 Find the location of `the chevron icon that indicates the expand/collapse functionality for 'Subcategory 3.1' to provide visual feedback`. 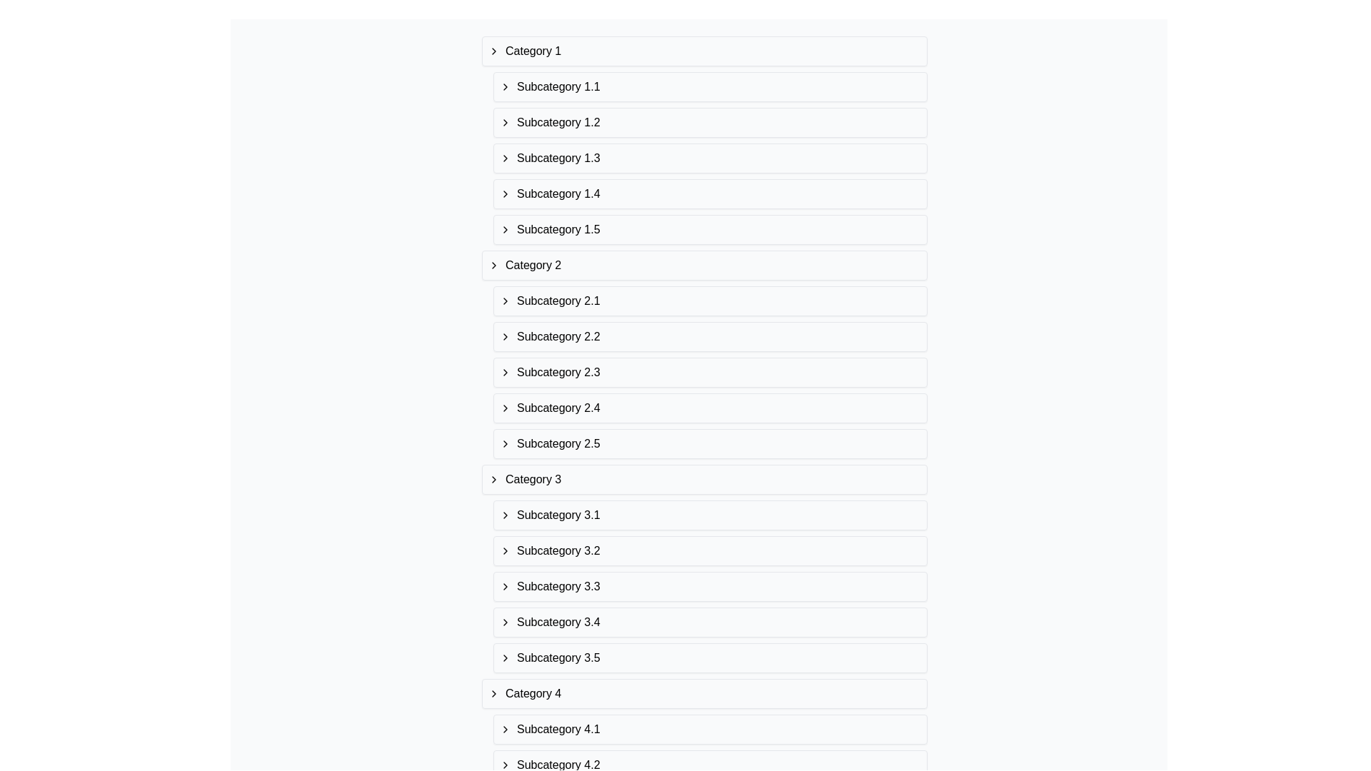

the chevron icon that indicates the expand/collapse functionality for 'Subcategory 3.1' to provide visual feedback is located at coordinates (506, 515).